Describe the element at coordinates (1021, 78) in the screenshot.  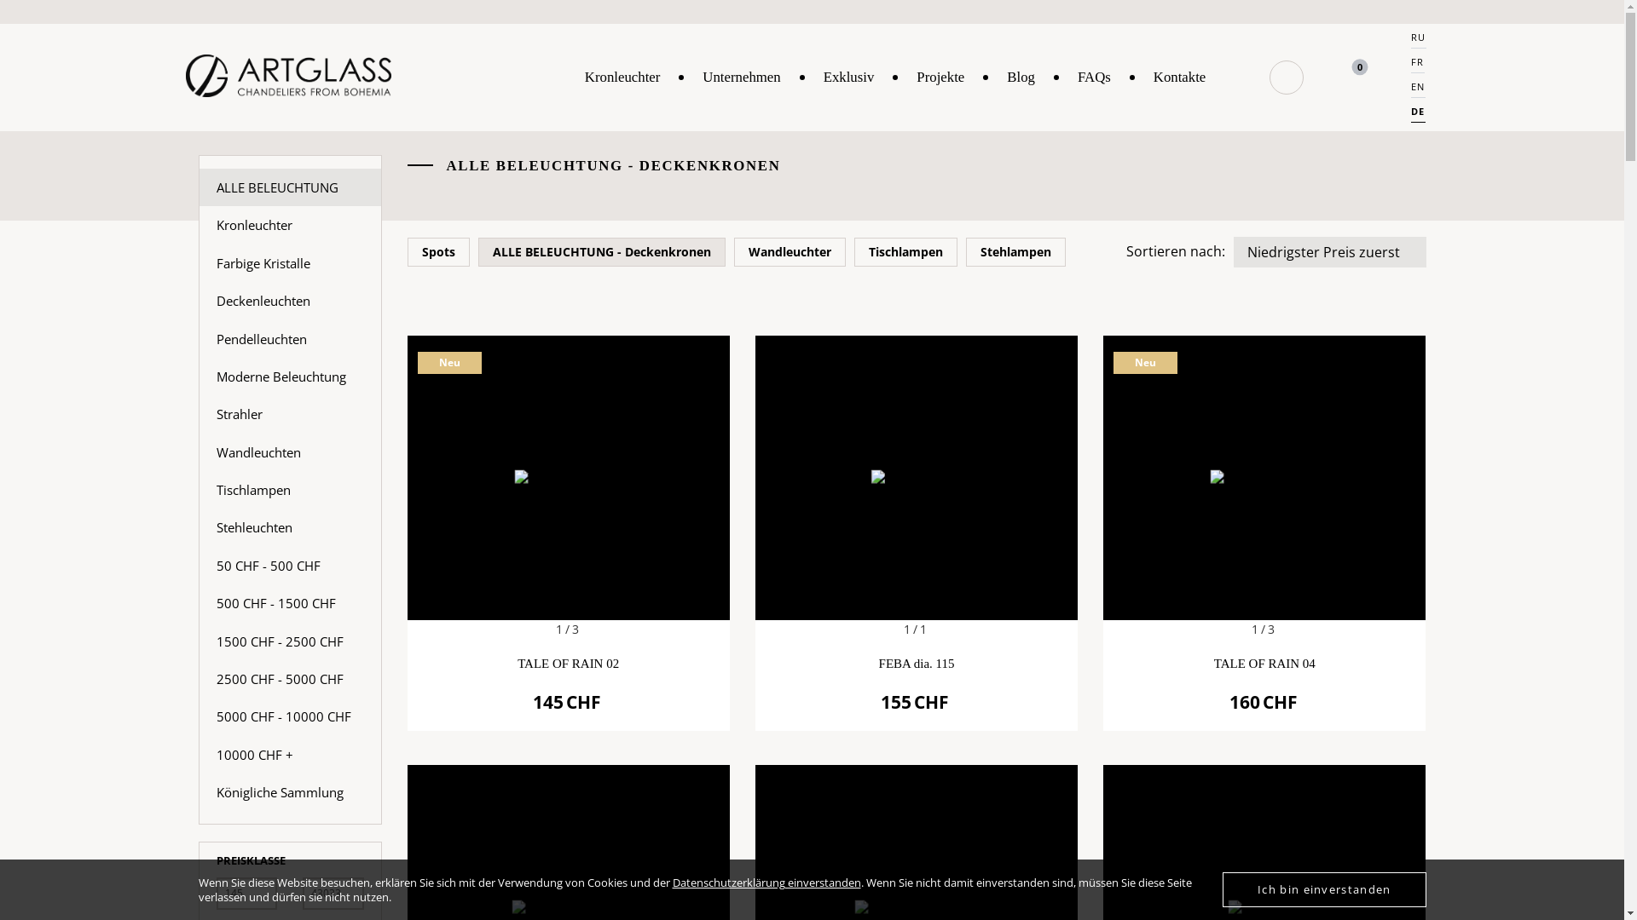
I see `'Blog'` at that location.